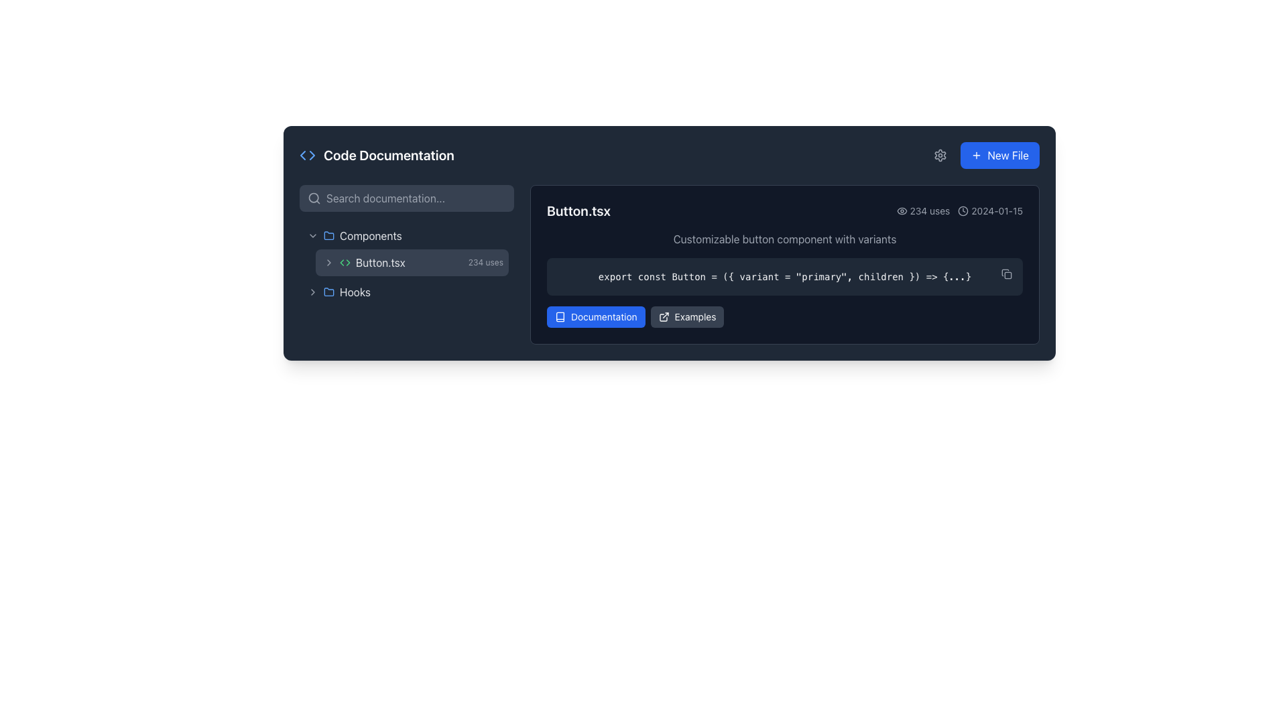 The width and height of the screenshot is (1287, 724). I want to click on the settings gear icon located in the top-right corner of the dark-themed user interface panel, so click(940, 154).